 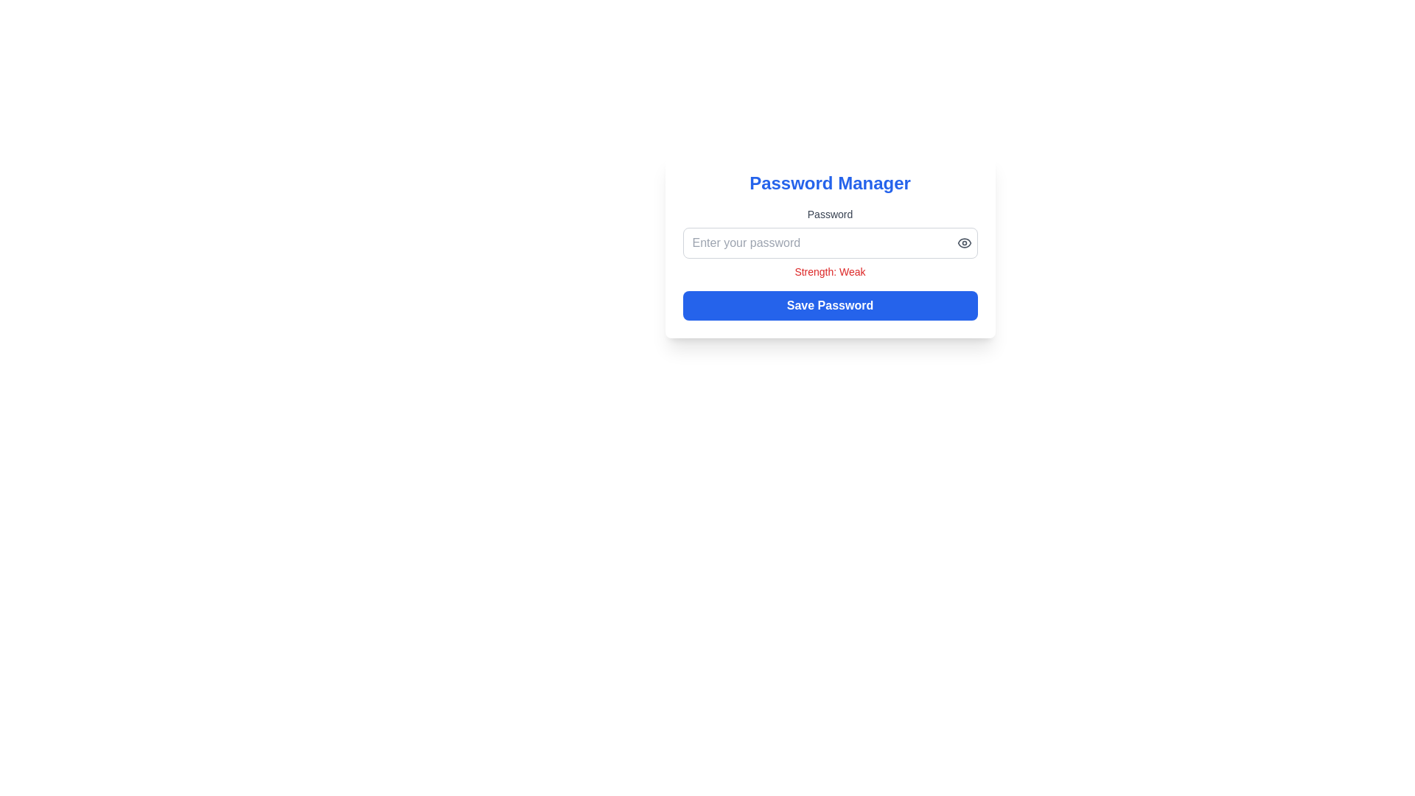 I want to click on the password input field of the password manager interface to focus on it, so click(x=830, y=245).